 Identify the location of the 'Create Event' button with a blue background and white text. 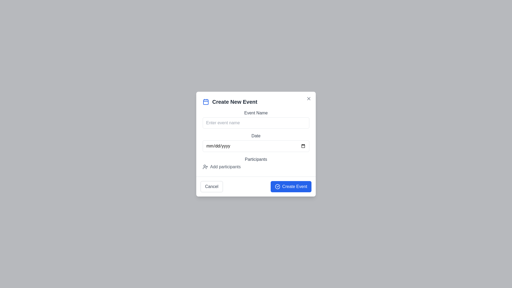
(291, 186).